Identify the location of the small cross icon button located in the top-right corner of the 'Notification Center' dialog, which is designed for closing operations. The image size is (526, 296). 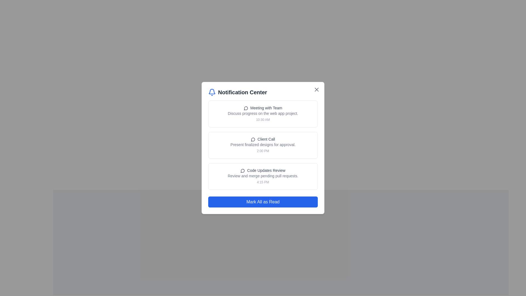
(317, 89).